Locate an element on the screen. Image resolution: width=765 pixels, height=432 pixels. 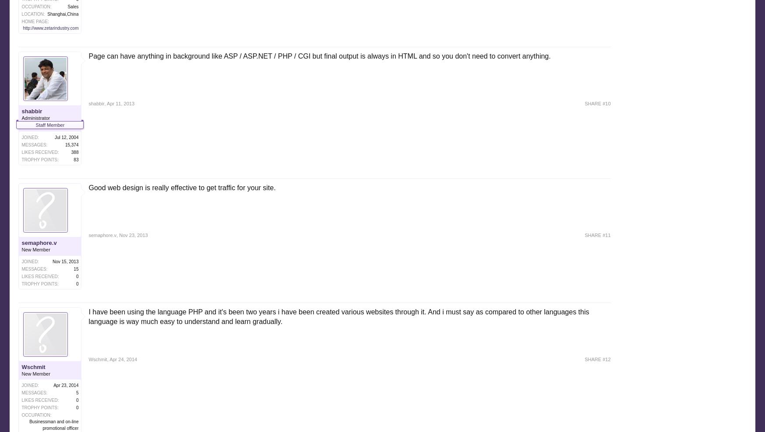
'15,374' is located at coordinates (71, 145).